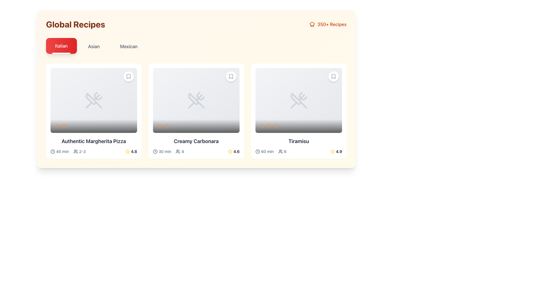  What do you see at coordinates (61, 46) in the screenshot?
I see `the 'Italian' category selector button, which has a white text on a red gradient background and is the first item in a horizontal list of category buttons` at bounding box center [61, 46].